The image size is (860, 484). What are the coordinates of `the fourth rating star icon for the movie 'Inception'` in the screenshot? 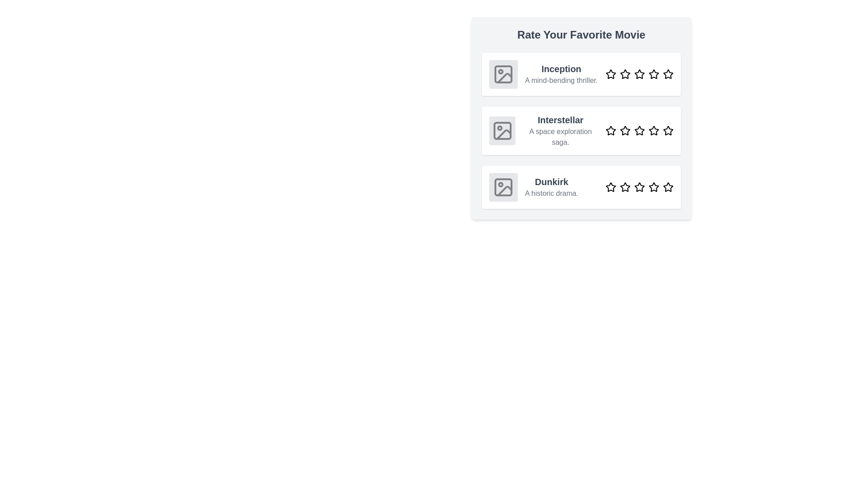 It's located at (654, 73).